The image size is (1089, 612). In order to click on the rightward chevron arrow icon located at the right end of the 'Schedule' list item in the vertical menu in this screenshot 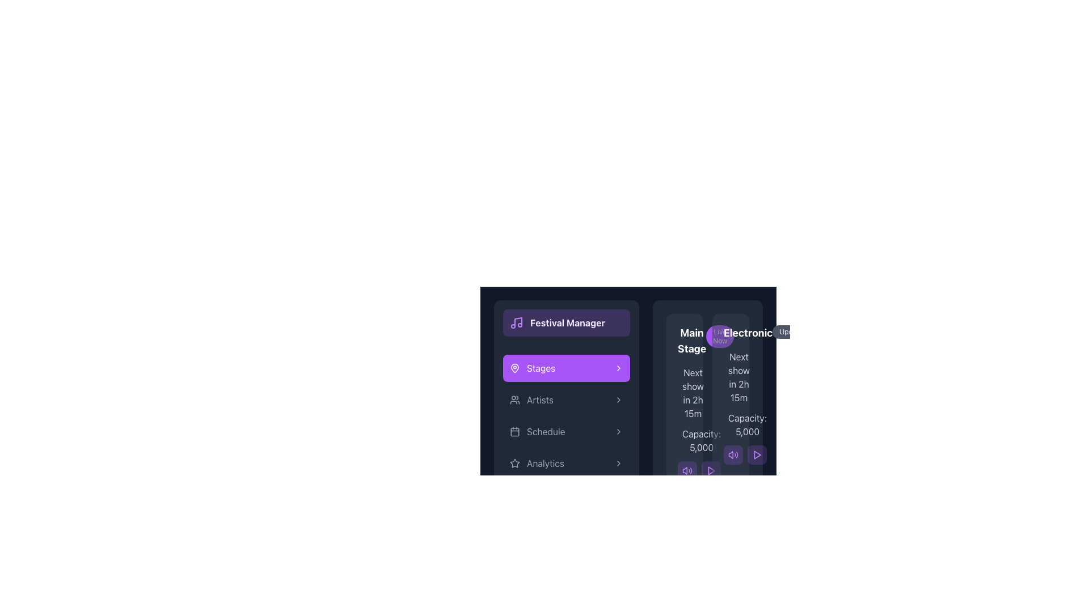, I will do `click(618, 432)`.